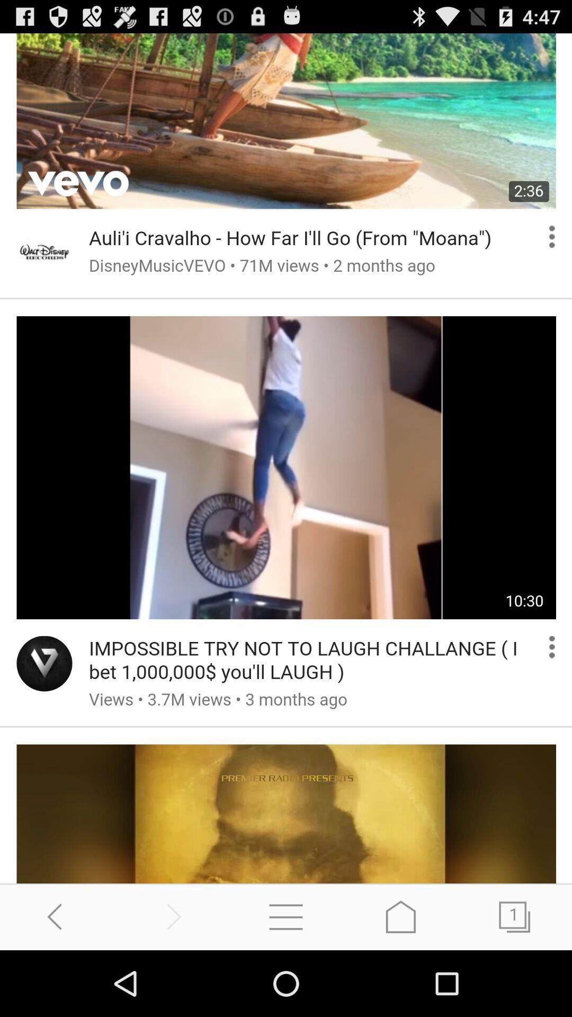  Describe the element at coordinates (400, 916) in the screenshot. I see `go home` at that location.